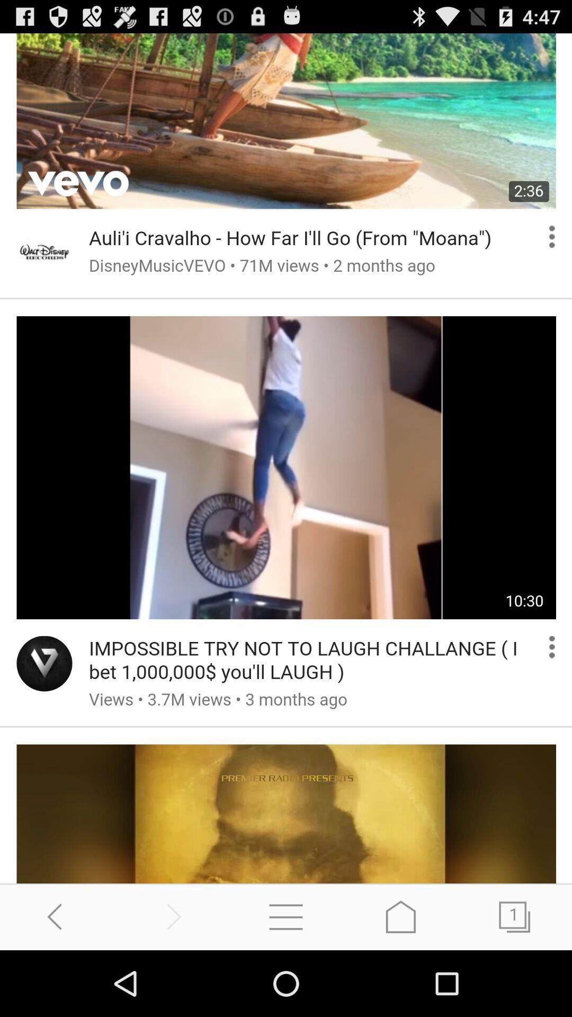  Describe the element at coordinates (400, 916) in the screenshot. I see `go home` at that location.